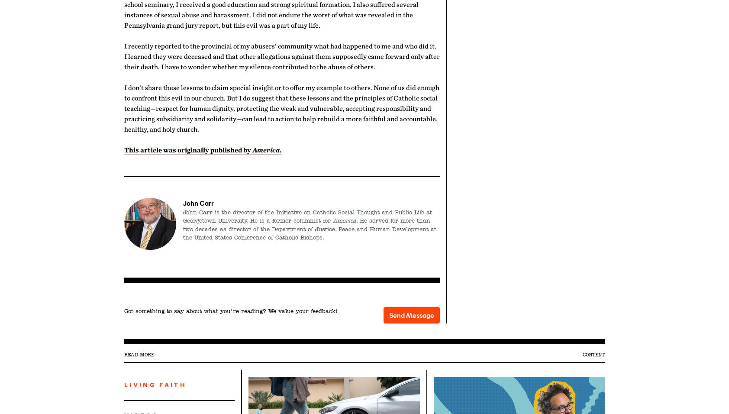  What do you see at coordinates (282, 56) in the screenshot?
I see `'I recently reported to the provincial of my abusers’ community what had happened to me and who did it. I learned they were deceased and that other allegations against them supposedly came forward only after their death. I have to wonder whether my silence contributed to the abuse of others.'` at bounding box center [282, 56].